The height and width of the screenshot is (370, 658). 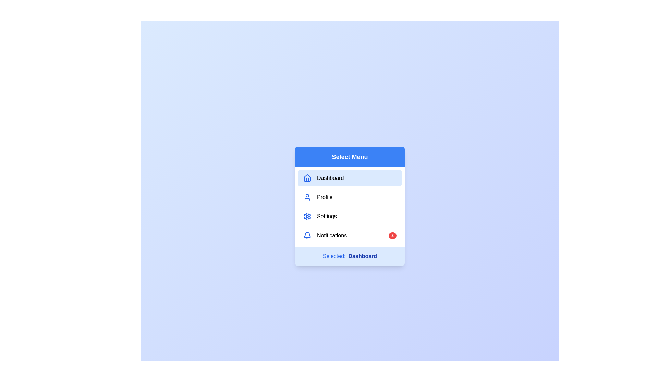 I want to click on the menu item Settings from the list, so click(x=350, y=217).